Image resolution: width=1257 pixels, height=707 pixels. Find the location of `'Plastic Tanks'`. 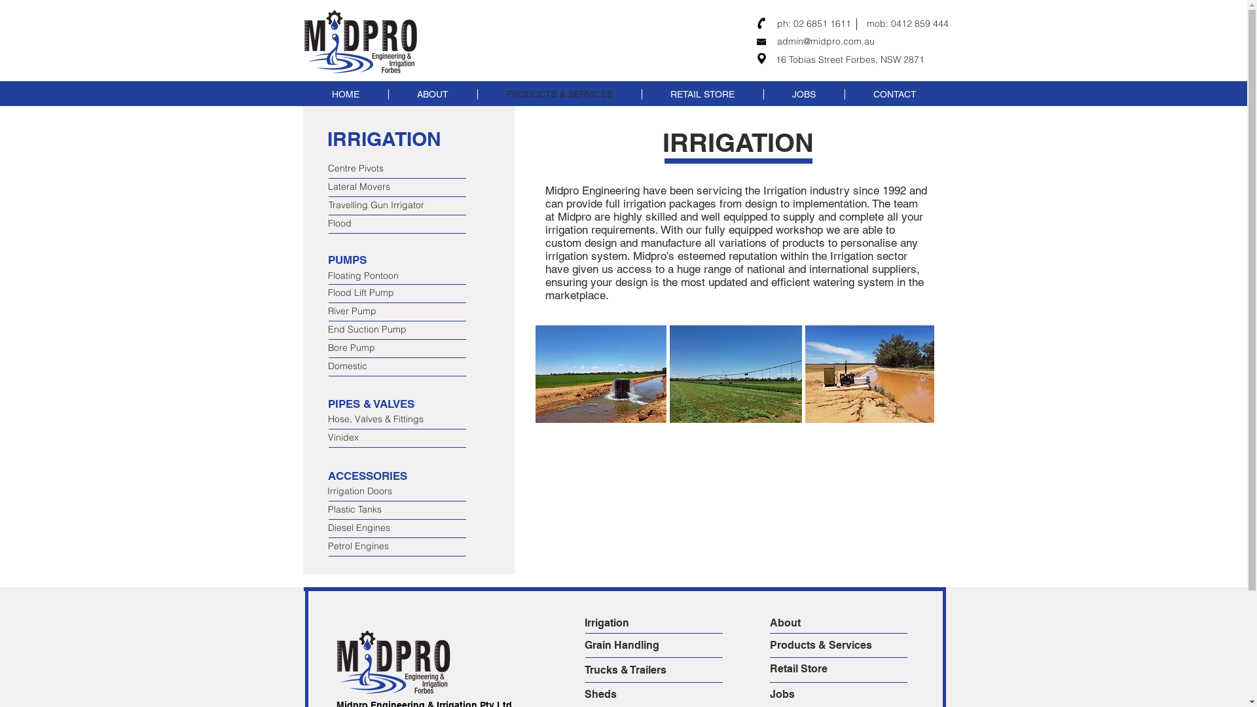

'Plastic Tanks' is located at coordinates (327, 509).